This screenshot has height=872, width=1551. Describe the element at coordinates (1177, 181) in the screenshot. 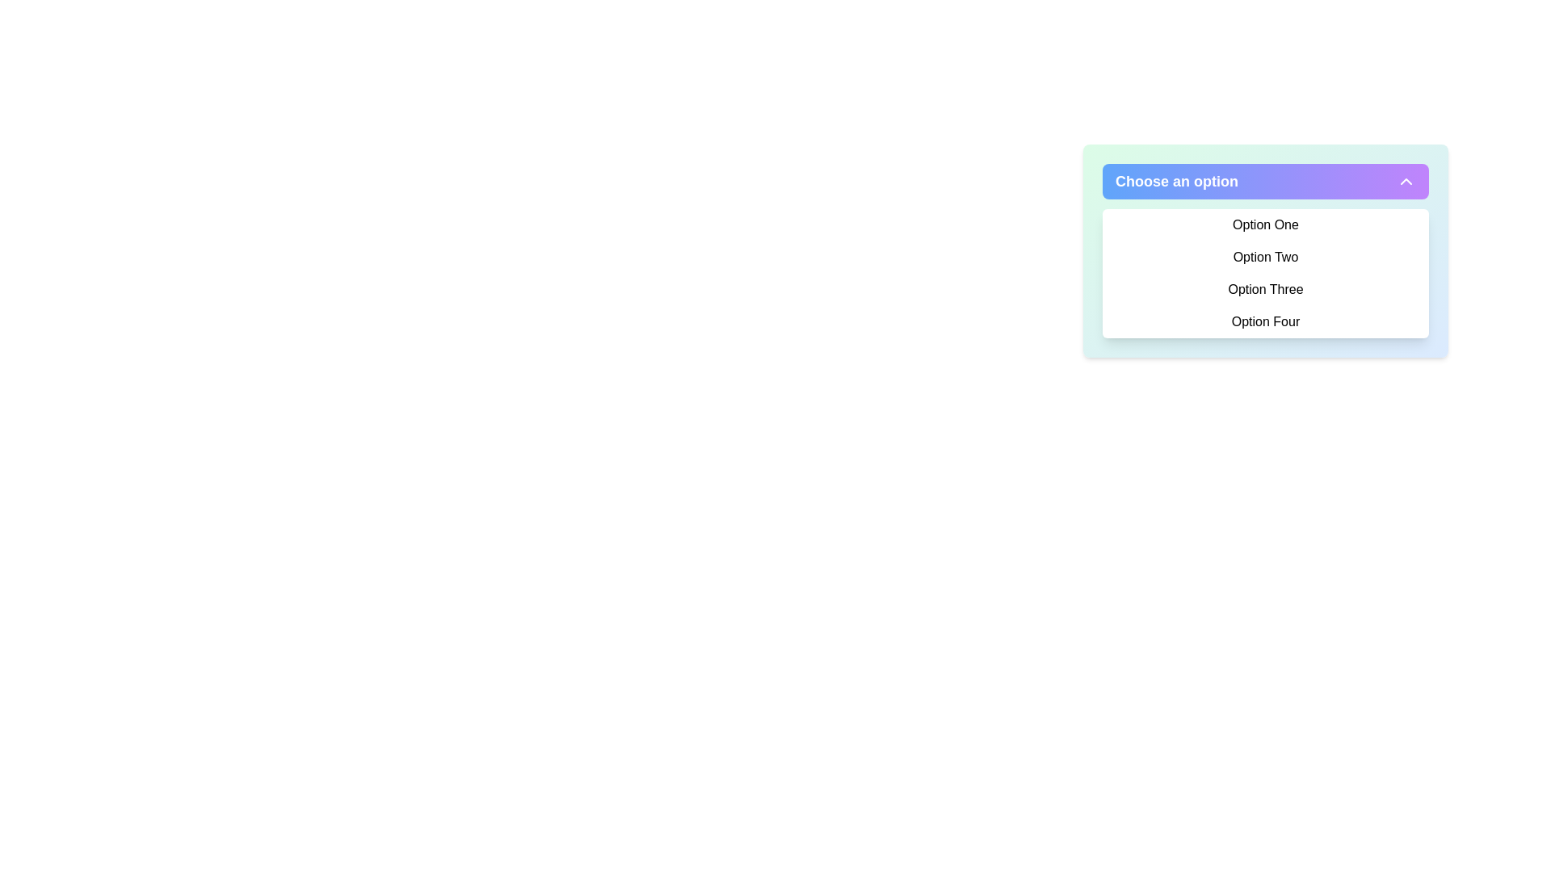

I see `the static text label displaying 'Choose an option', which is bold and white, located in the upper section of the dropdown interface, to the left of the chevron icon` at that location.